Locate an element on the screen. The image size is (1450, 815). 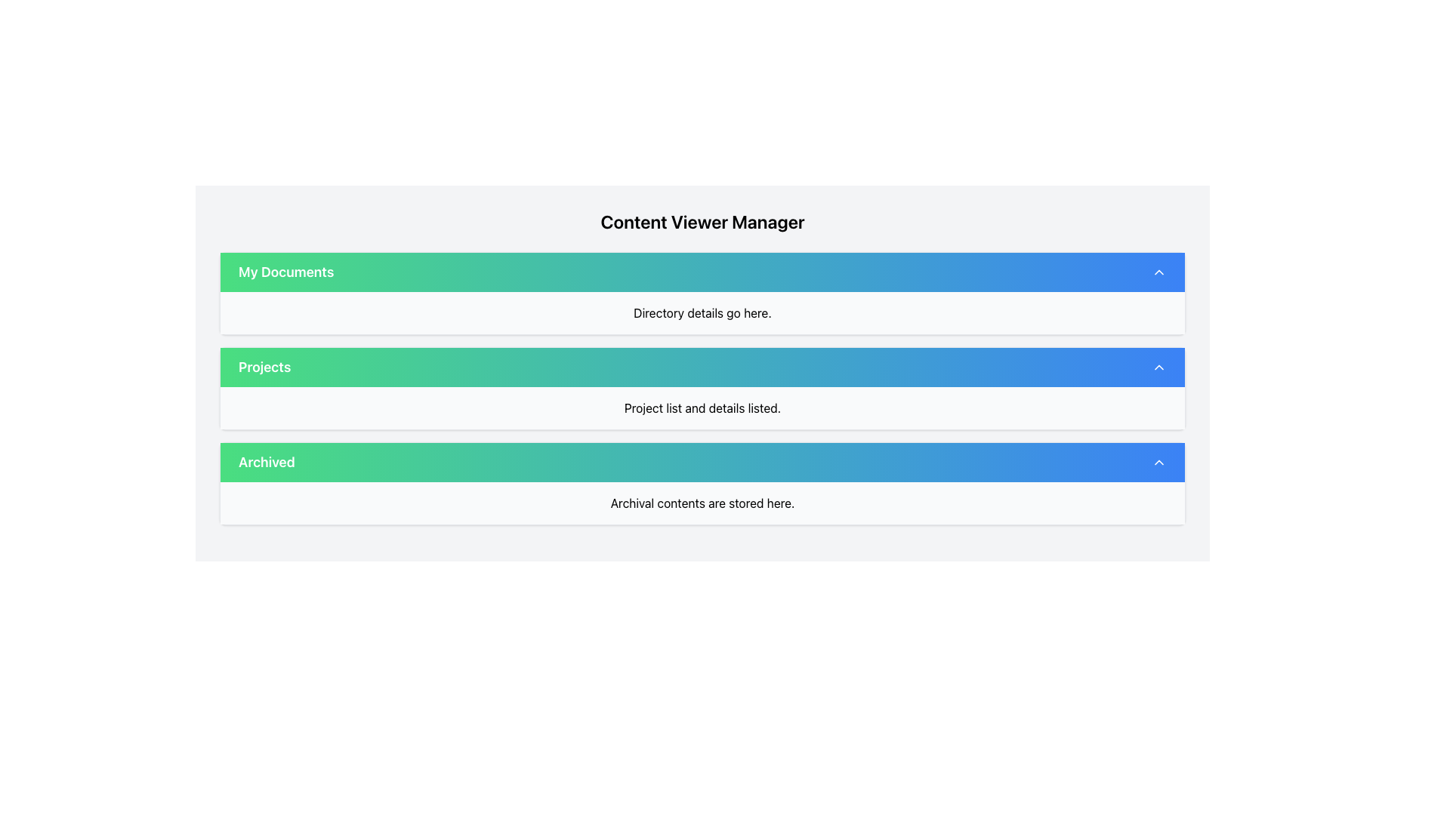
the toggle icon located at the top-right corner of the 'Projects' header is located at coordinates (1158, 367).